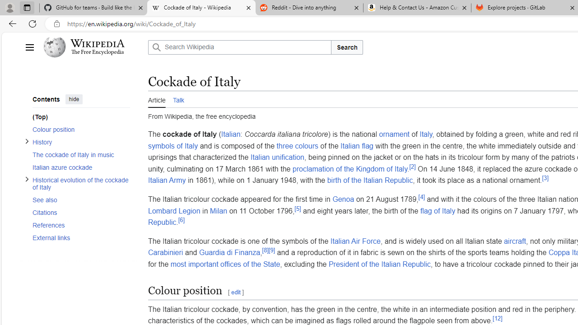  Describe the element at coordinates (271, 251) in the screenshot. I see `'[9]'` at that location.